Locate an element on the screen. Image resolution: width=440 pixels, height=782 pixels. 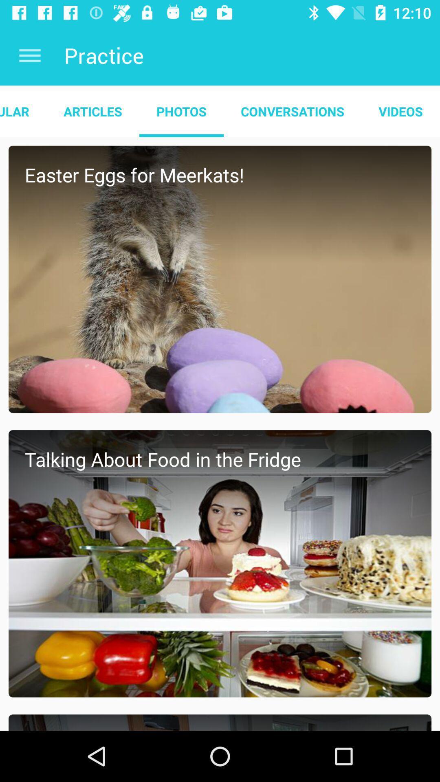
the app to the right of the popular app is located at coordinates (92, 111).